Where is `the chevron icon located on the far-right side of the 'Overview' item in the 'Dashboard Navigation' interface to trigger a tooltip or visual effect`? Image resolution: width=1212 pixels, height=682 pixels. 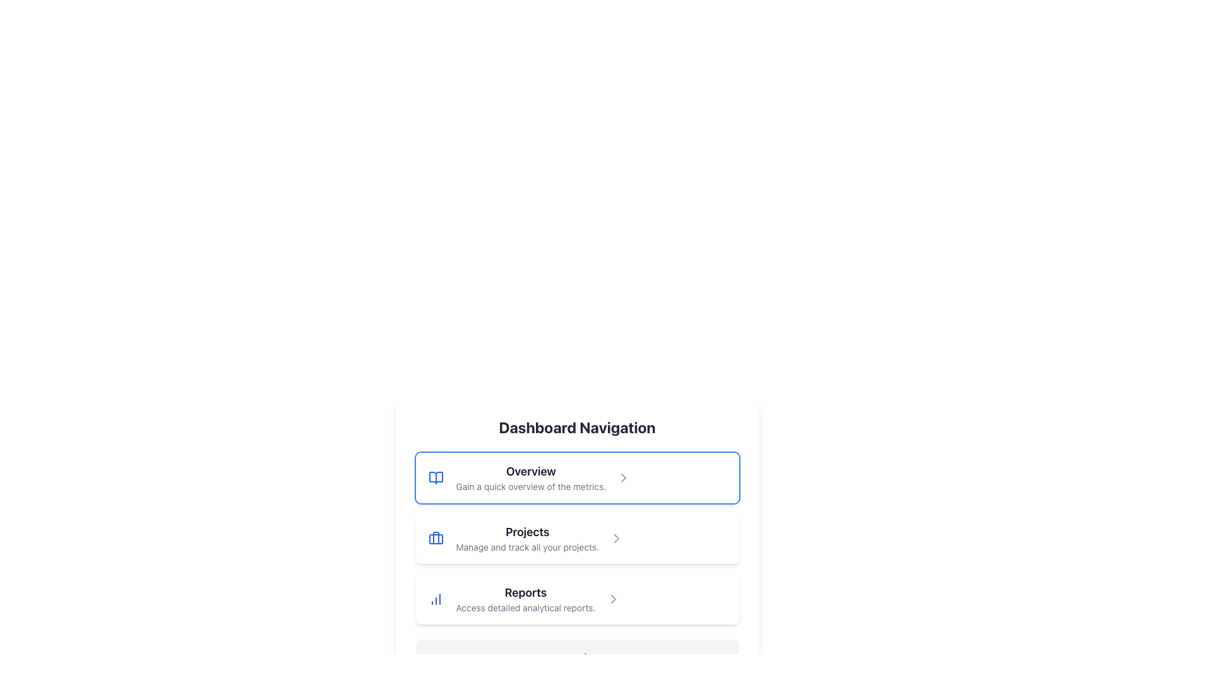 the chevron icon located on the far-right side of the 'Overview' item in the 'Dashboard Navigation' interface to trigger a tooltip or visual effect is located at coordinates (624, 477).